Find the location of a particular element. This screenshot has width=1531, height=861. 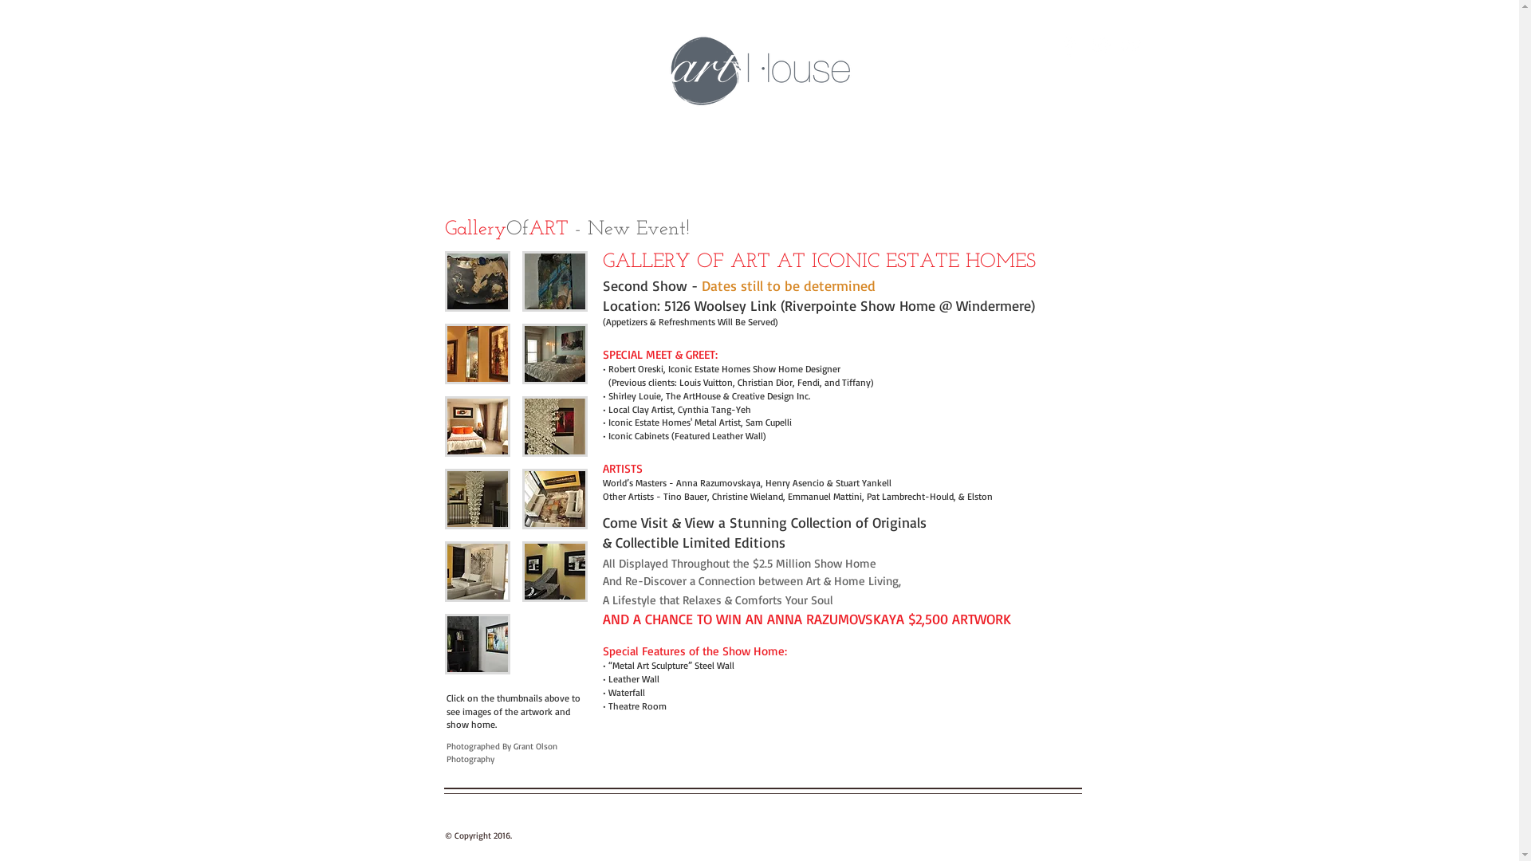

'ArtHouse_logo_2016_col_simple.png' is located at coordinates (759, 70).